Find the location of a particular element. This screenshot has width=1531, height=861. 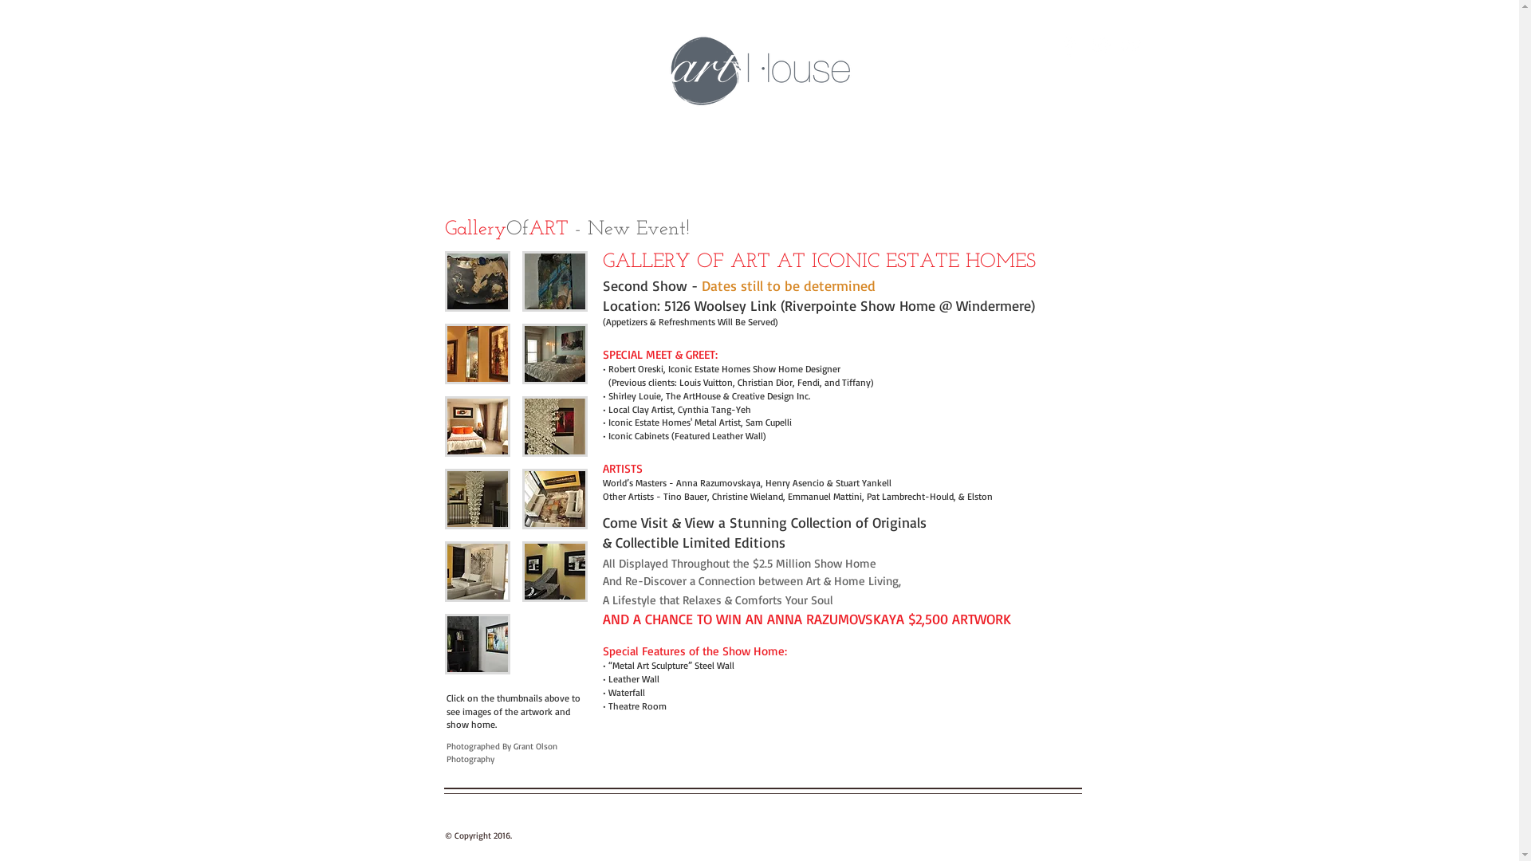

'ArtHouse_logo_2016_col_simple.png' is located at coordinates (759, 70).